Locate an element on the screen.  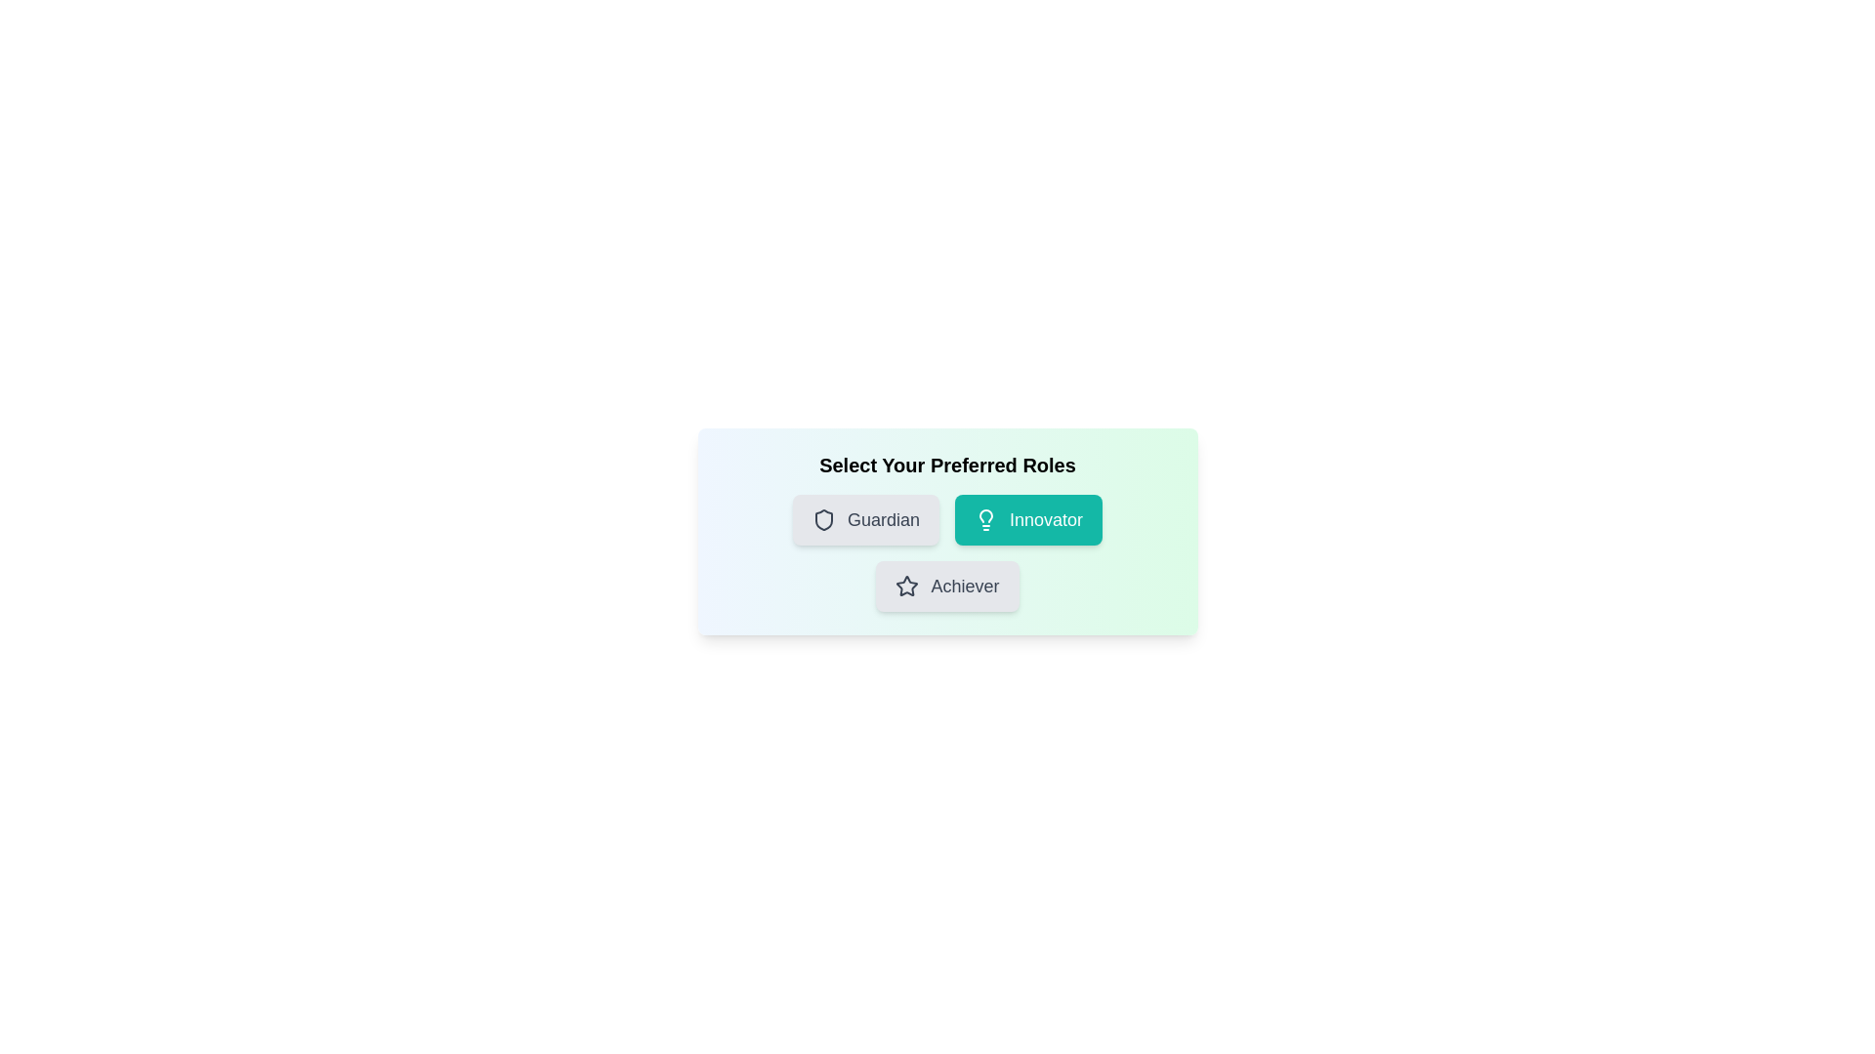
the role card Guardian is located at coordinates (865, 518).